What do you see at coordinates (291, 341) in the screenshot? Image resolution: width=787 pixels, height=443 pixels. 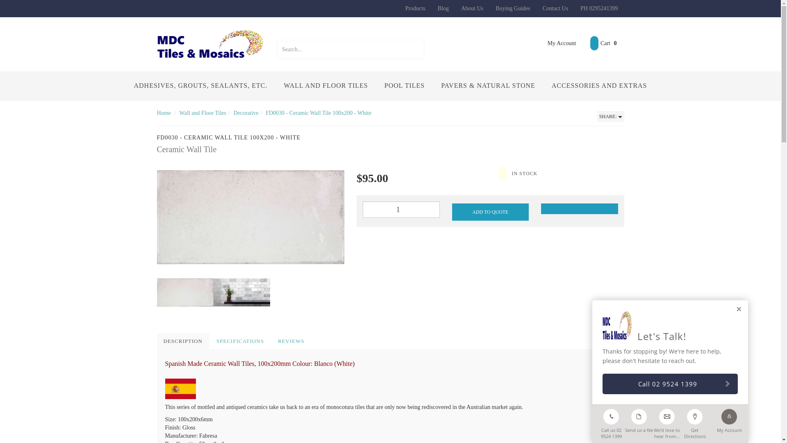 I see `'REVIEWS'` at bounding box center [291, 341].